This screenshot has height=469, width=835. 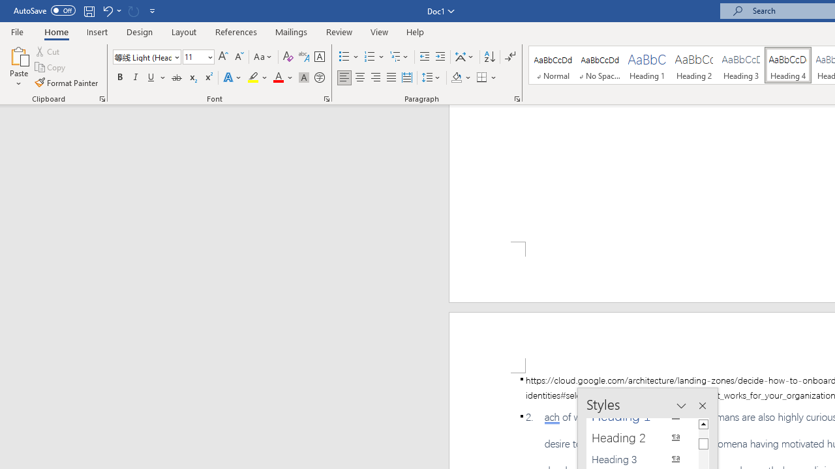 I want to click on 'Borders', so click(x=486, y=78).